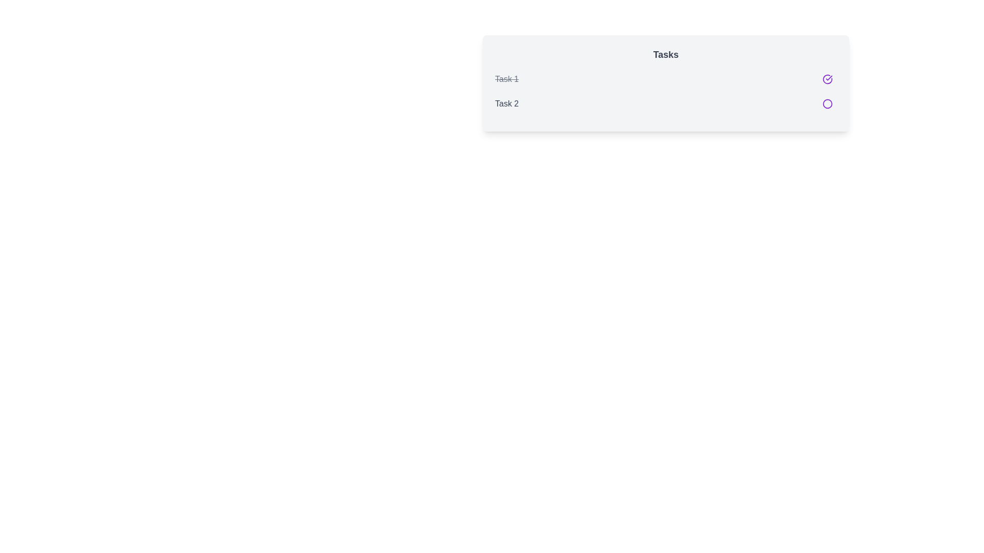 This screenshot has width=984, height=553. What do you see at coordinates (827, 78) in the screenshot?
I see `the circular checkmark icon located to the right of the 'Task 2' text` at bounding box center [827, 78].